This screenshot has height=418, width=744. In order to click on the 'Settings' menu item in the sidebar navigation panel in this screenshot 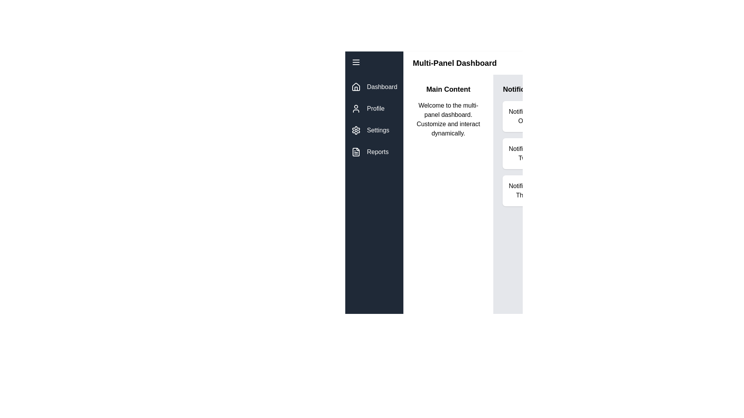, I will do `click(374, 130)`.